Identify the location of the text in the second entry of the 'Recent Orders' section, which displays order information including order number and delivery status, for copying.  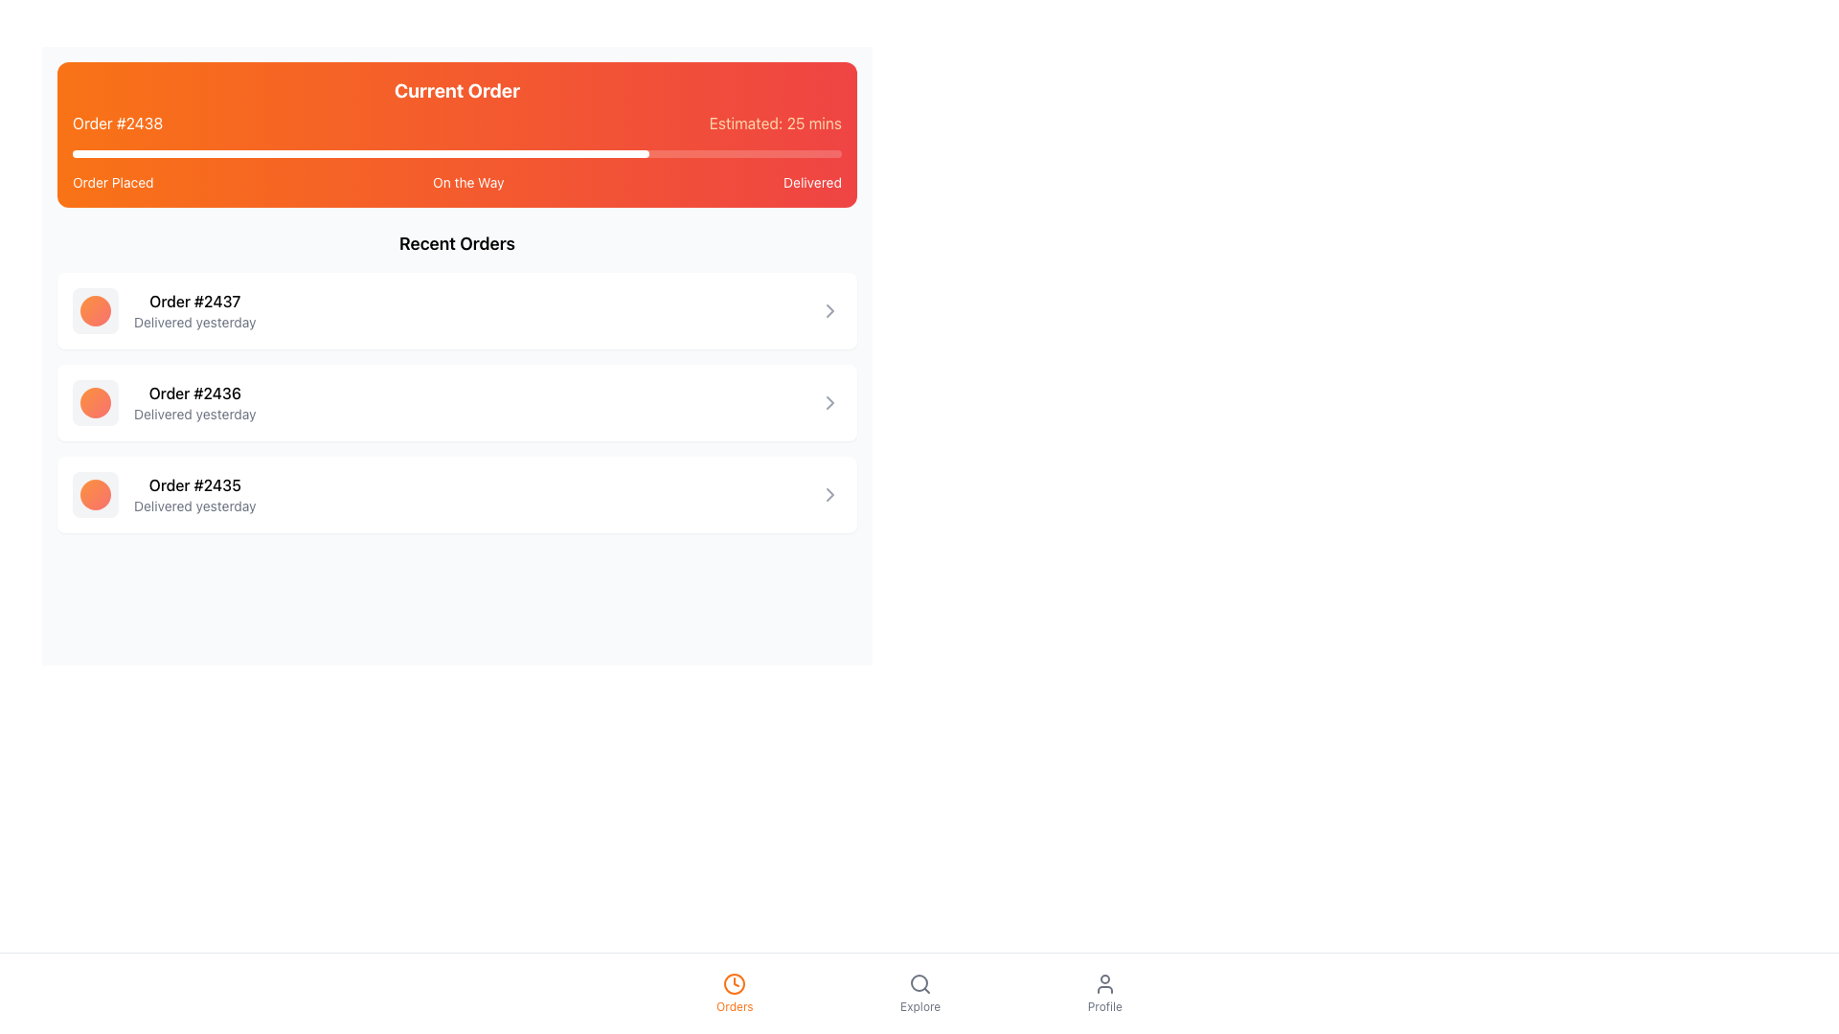
(194, 401).